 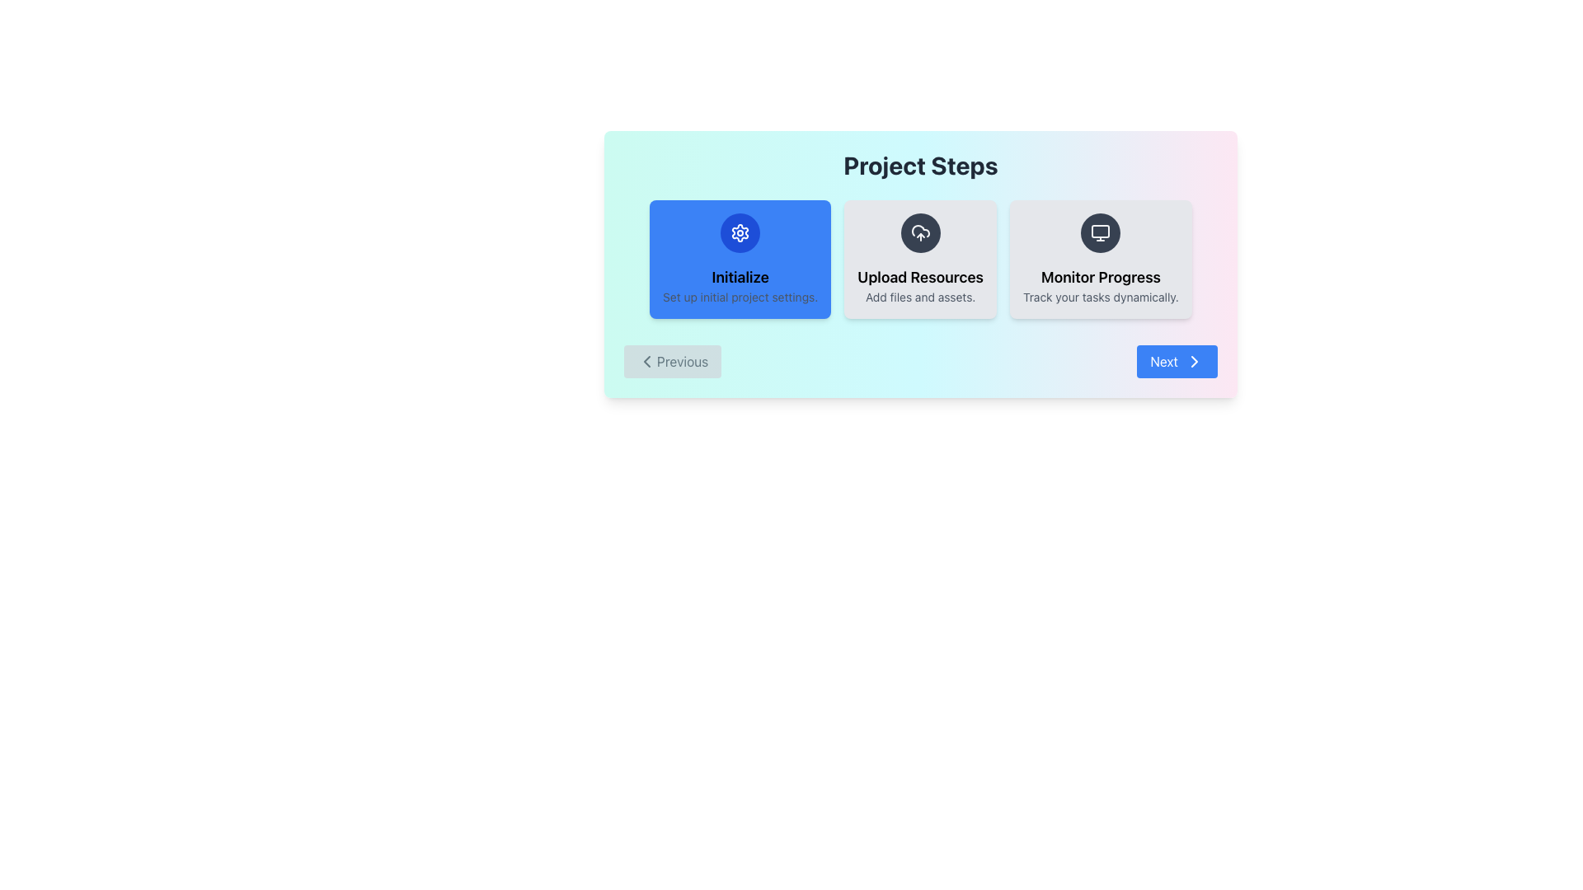 I want to click on information provided in the Text Block that explains the functionality of the 'Upload Resources' step in the Project Steps interface, located between the 'Initialize' and 'Monitor Progress' sections, so click(x=919, y=285).